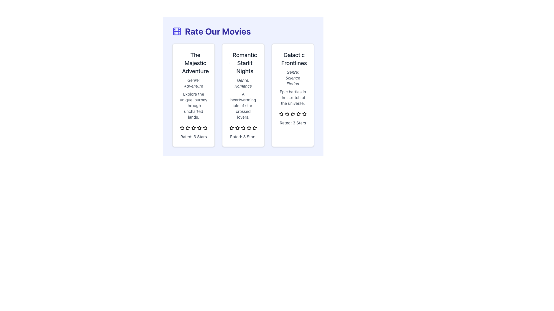 This screenshot has width=554, height=311. I want to click on the first star icon in the five-star rating system below 'The Majestic Adventure' movie card, so click(181, 128).